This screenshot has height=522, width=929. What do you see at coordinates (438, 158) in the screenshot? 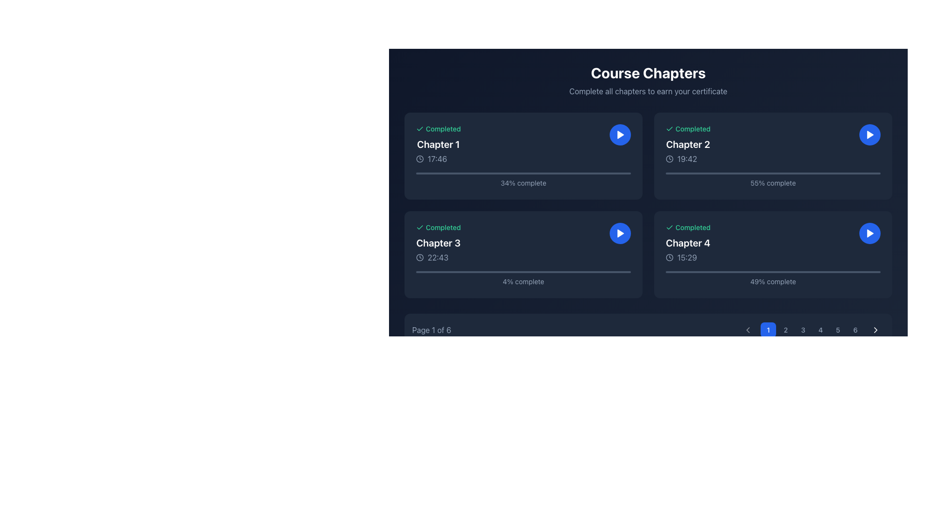
I see `the Text with icon component displaying the clock icon and the time '17:46', located beneath the 'Chapter 1' title` at bounding box center [438, 158].